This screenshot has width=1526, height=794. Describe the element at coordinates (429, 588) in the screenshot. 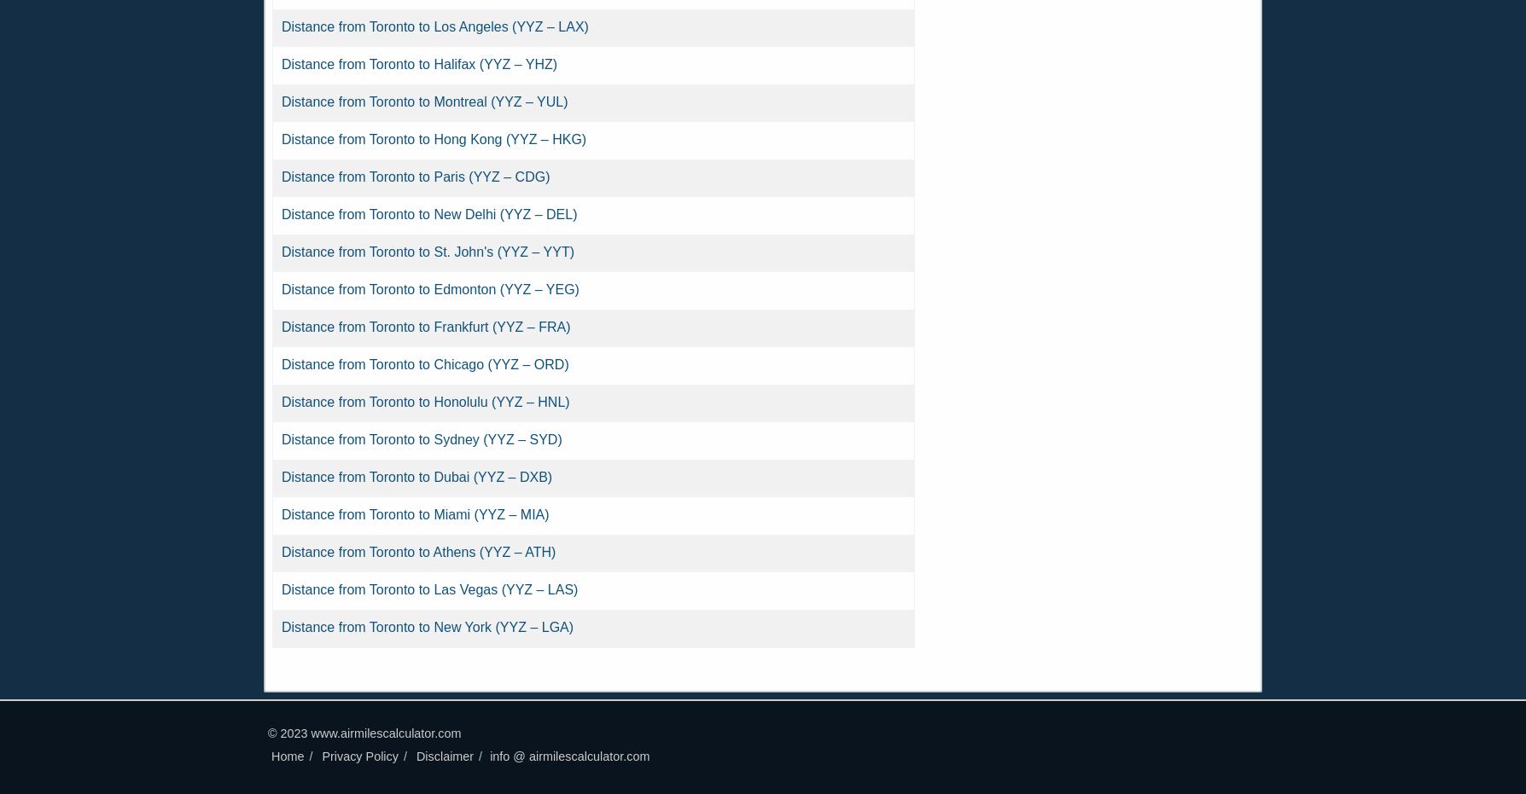

I see `'Distance from Toronto to Las Vegas (YYZ – LAS)'` at that location.